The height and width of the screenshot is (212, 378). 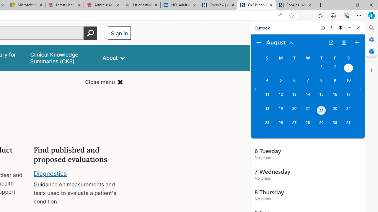 I want to click on 'Tuesday, August 27, 2024. ', so click(x=294, y=125).